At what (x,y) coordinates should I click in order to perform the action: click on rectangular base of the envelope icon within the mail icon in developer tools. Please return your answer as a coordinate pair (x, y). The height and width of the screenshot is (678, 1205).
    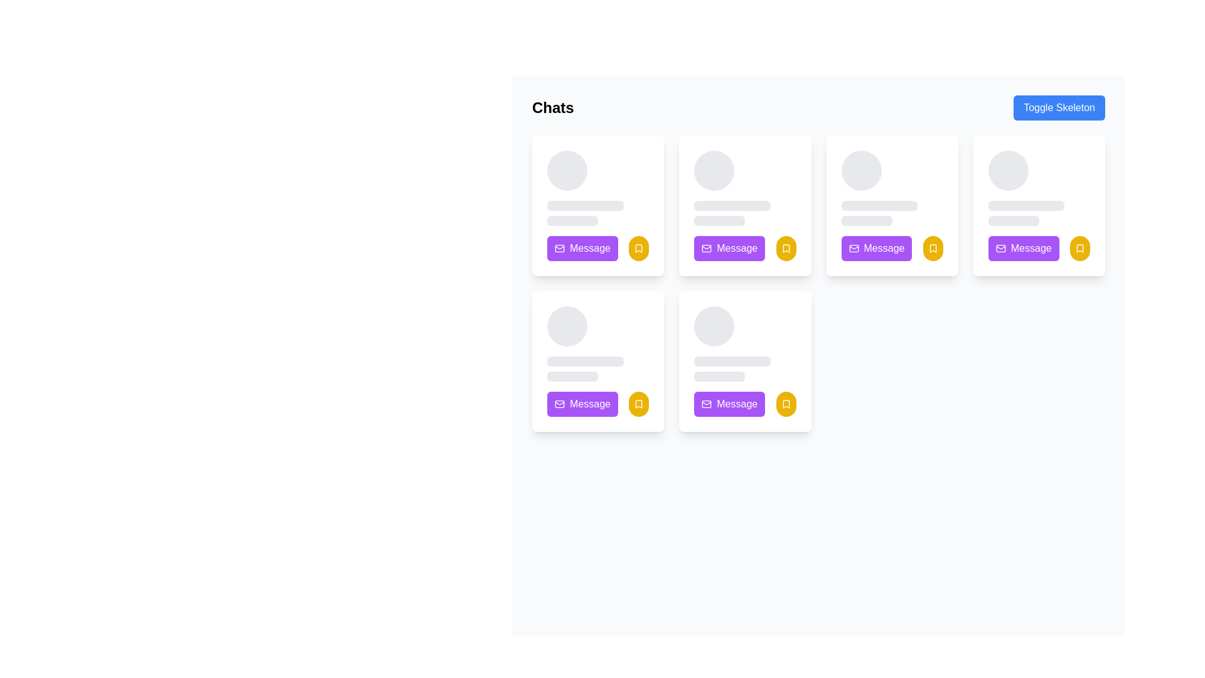
    Looking at the image, I should click on (854, 249).